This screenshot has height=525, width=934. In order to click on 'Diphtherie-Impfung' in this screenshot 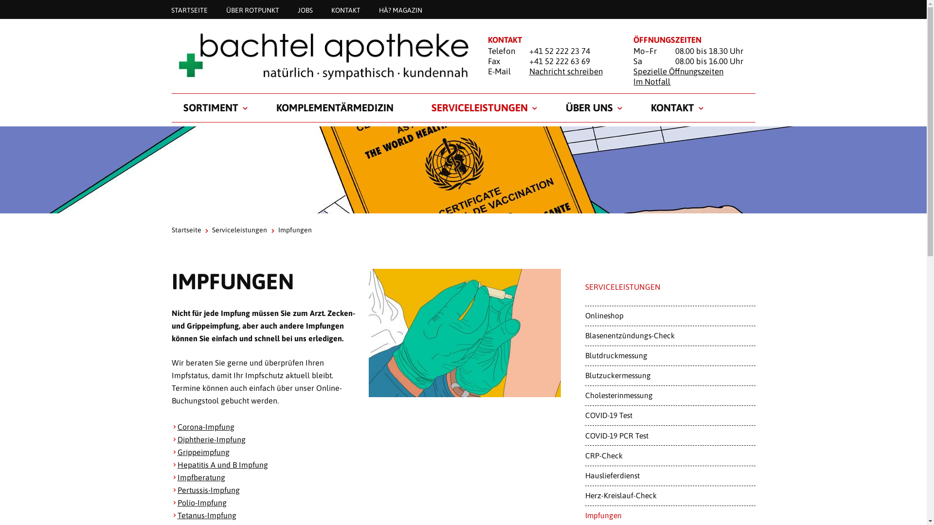, I will do `click(210, 439)`.